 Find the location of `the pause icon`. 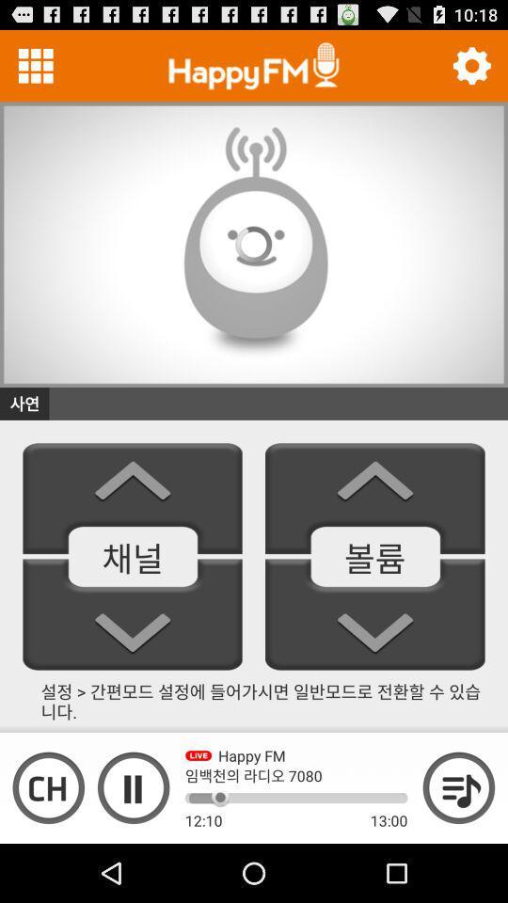

the pause icon is located at coordinates (133, 842).